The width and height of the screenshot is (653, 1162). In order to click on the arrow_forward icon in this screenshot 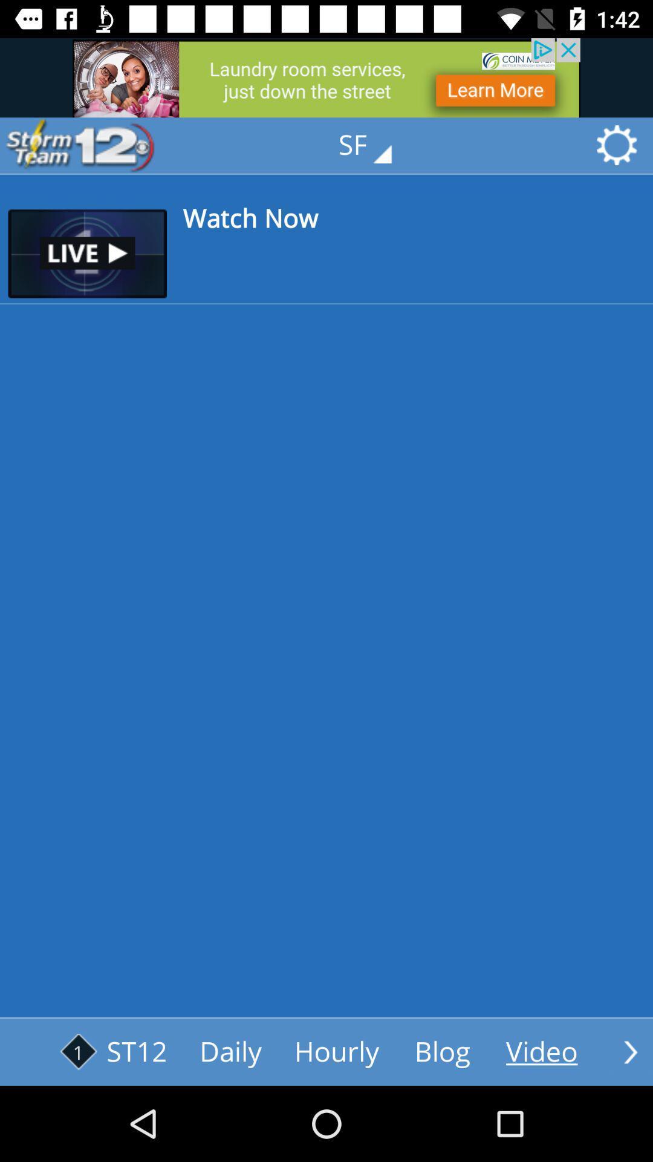, I will do `click(630, 1051)`.